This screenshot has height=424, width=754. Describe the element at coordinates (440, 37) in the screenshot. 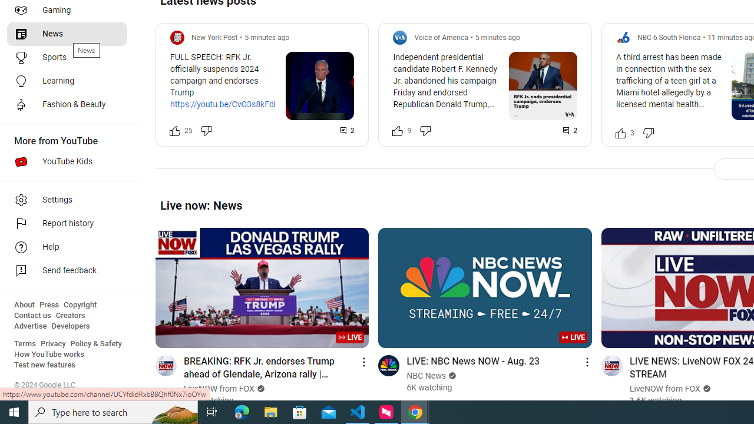

I see `'Voice of America'` at that location.